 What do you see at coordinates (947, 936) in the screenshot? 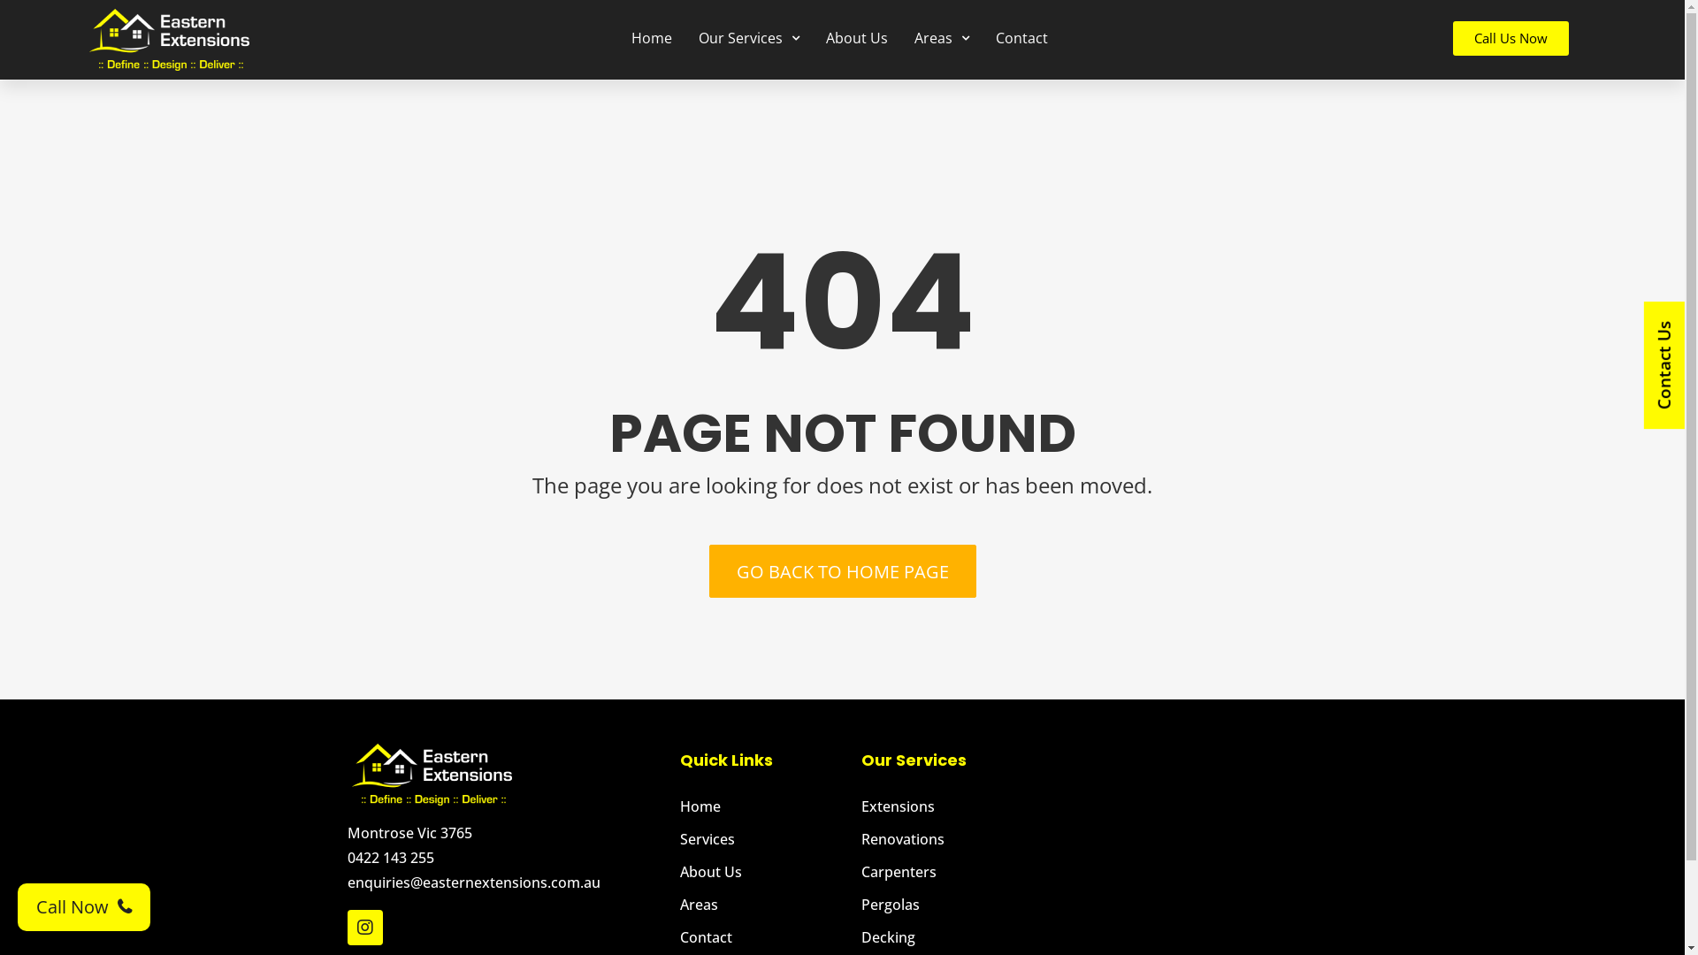
I see `'Decking'` at bounding box center [947, 936].